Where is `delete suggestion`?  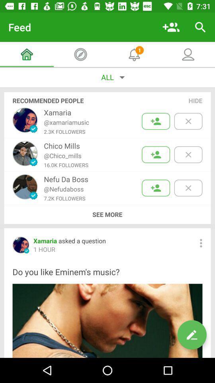 delete suggestion is located at coordinates (188, 154).